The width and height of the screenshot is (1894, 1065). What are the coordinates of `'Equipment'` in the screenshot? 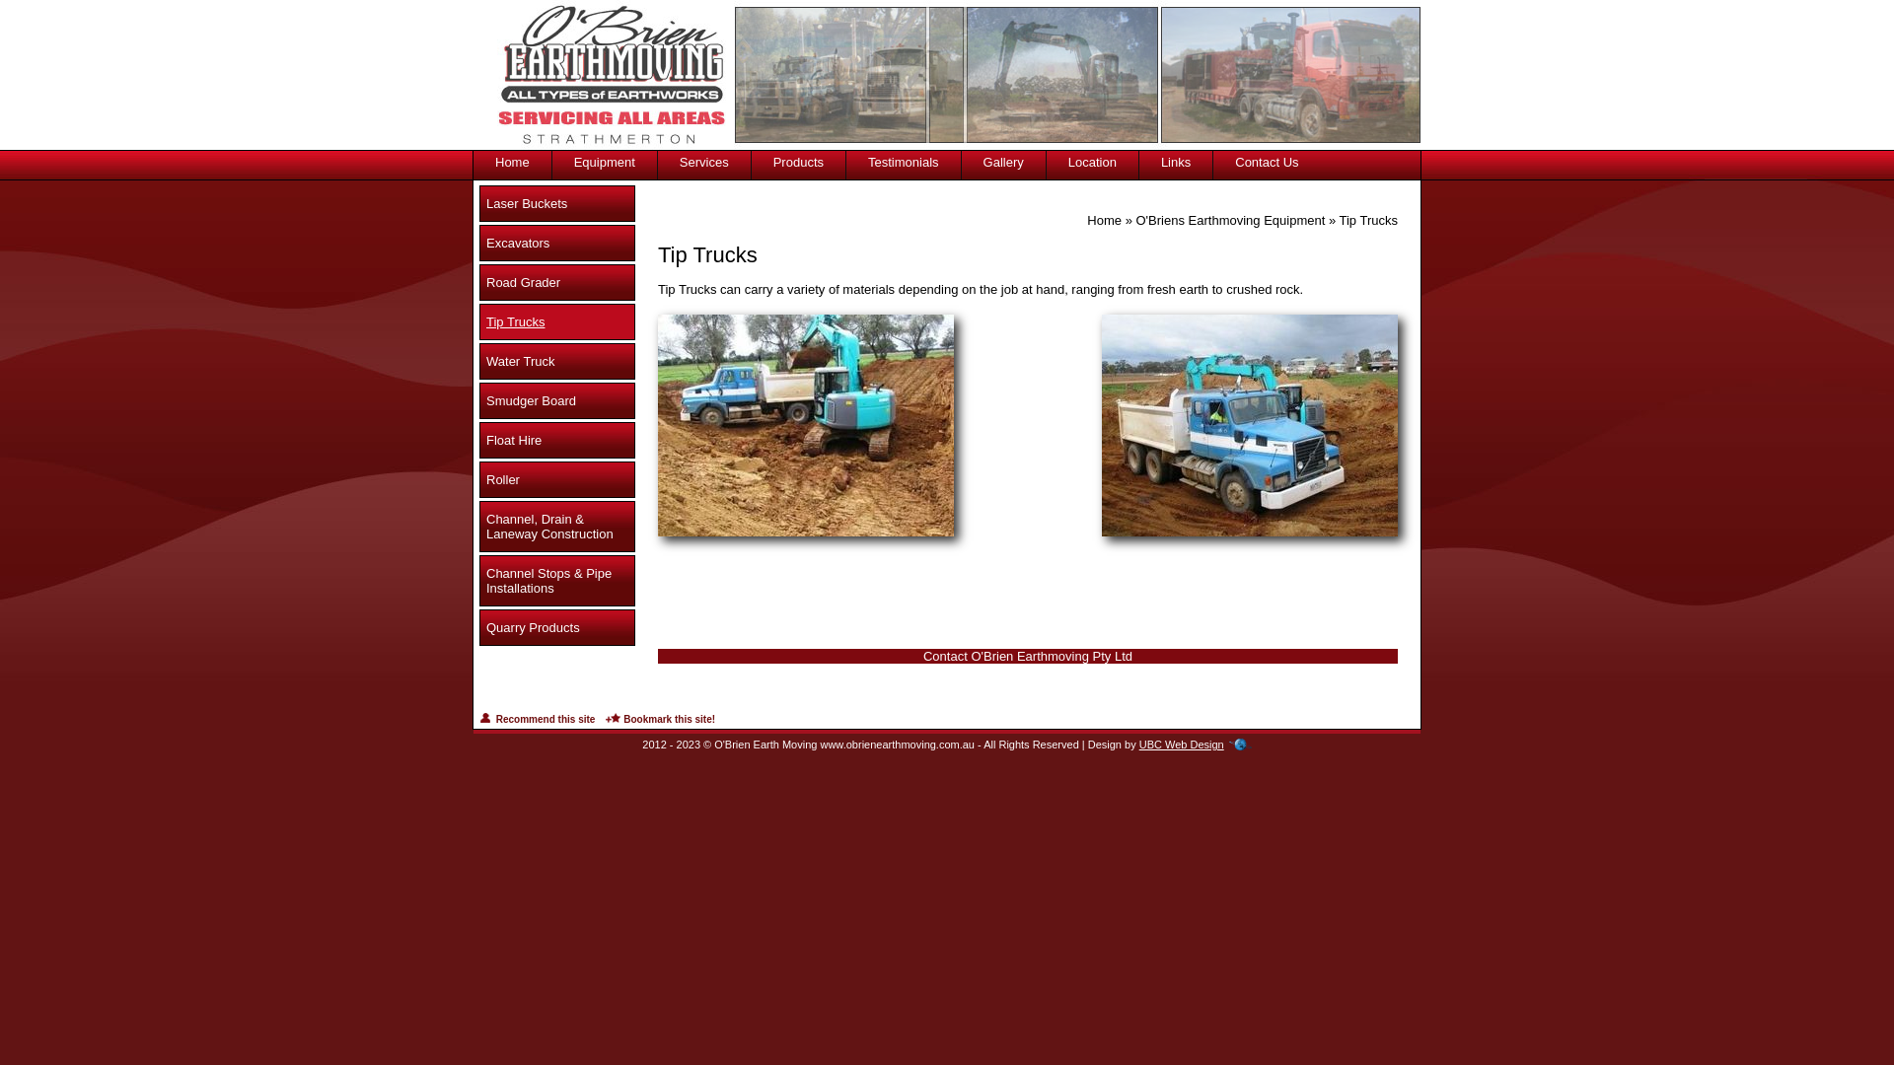 It's located at (604, 153).